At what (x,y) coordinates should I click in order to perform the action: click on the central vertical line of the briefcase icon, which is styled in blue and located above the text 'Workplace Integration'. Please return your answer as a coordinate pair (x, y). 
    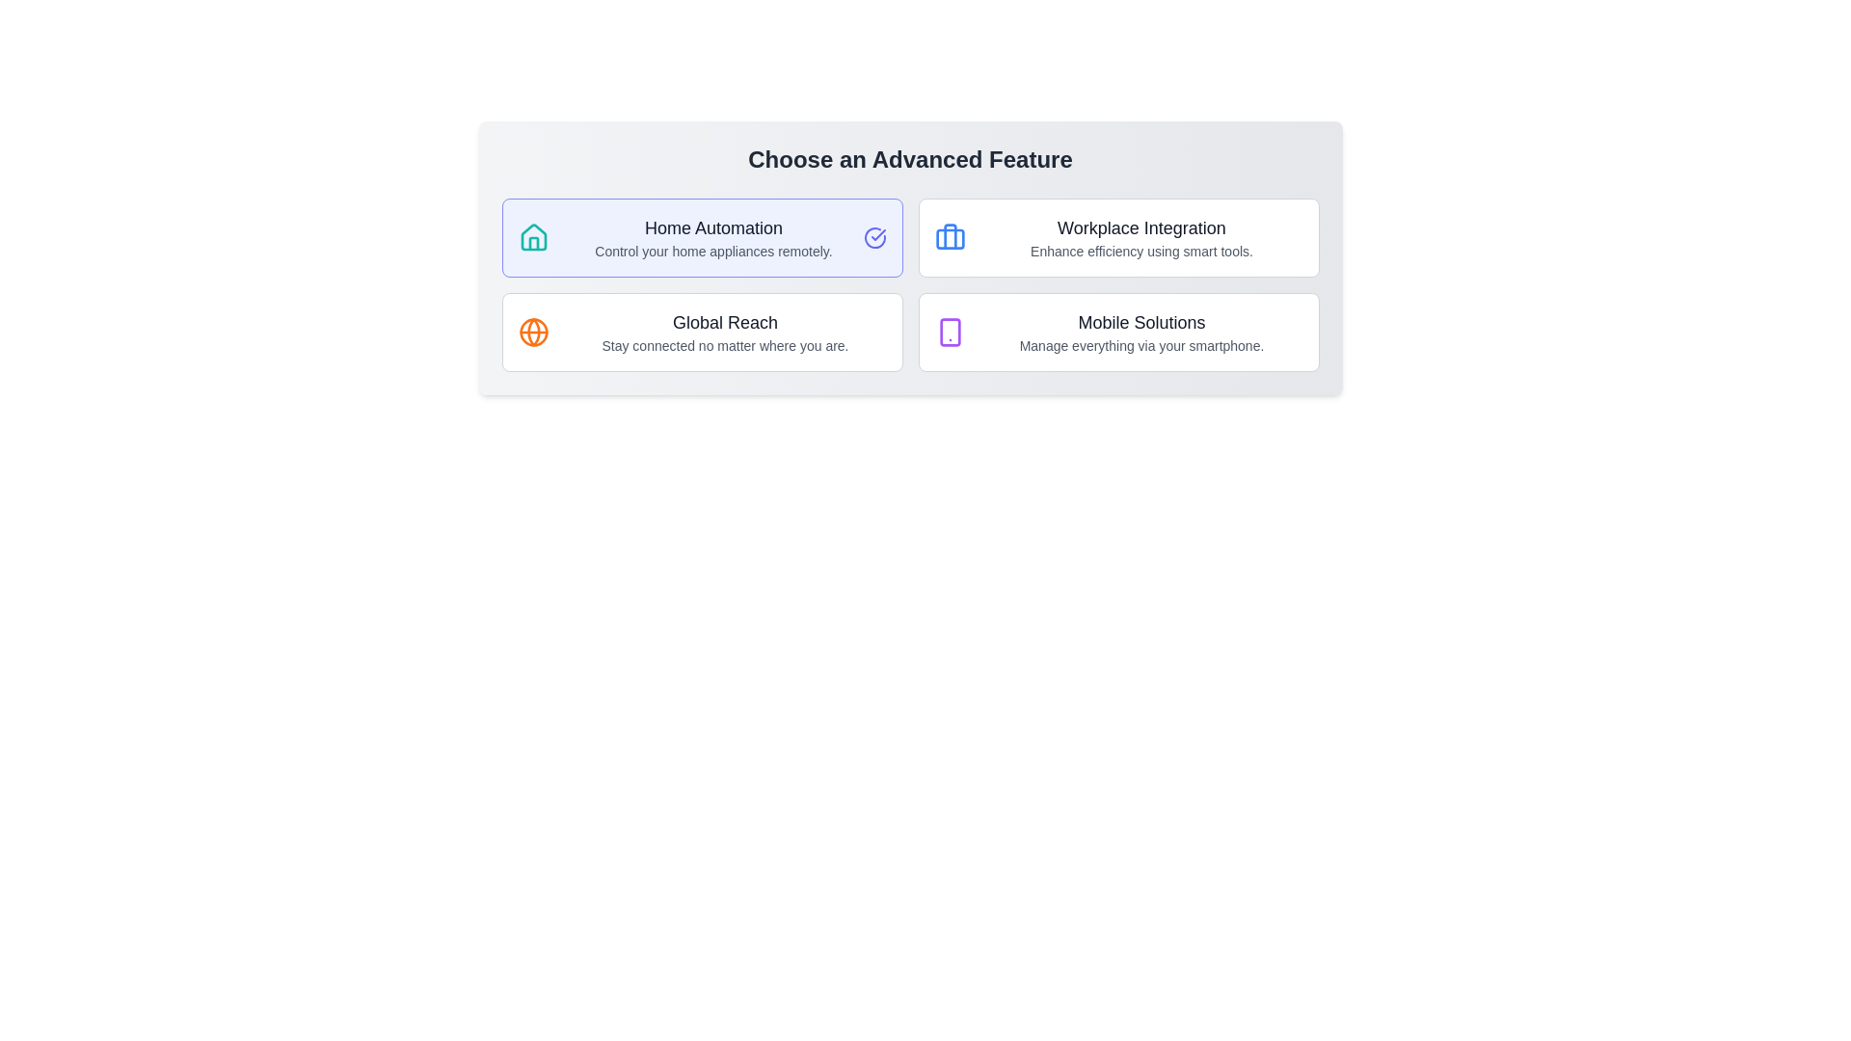
    Looking at the image, I should click on (950, 235).